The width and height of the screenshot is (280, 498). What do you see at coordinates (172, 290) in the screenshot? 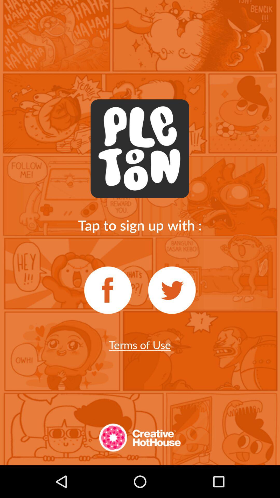
I see `for twitter` at bounding box center [172, 290].